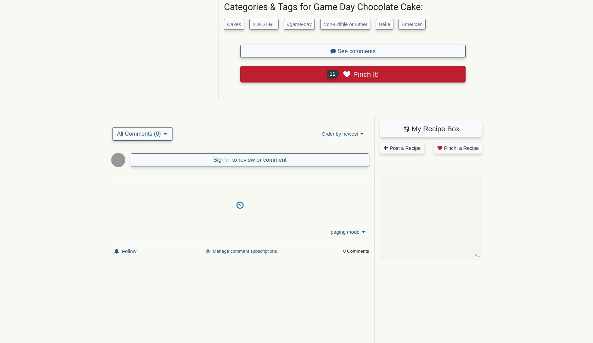 The width and height of the screenshot is (593, 343). Describe the element at coordinates (249, 160) in the screenshot. I see `'Sign in to review or comment'` at that location.